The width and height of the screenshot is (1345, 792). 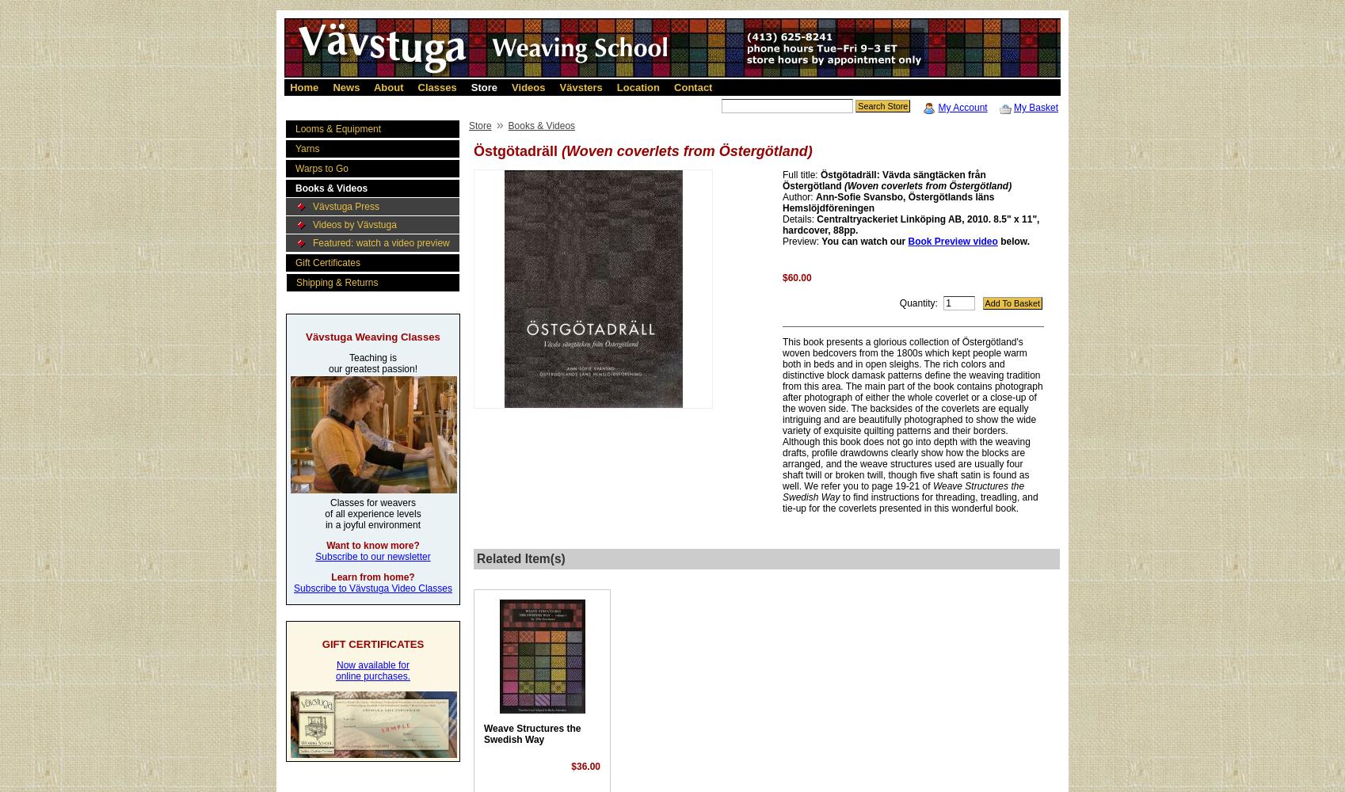 I want to click on 'Home', so click(x=303, y=86).